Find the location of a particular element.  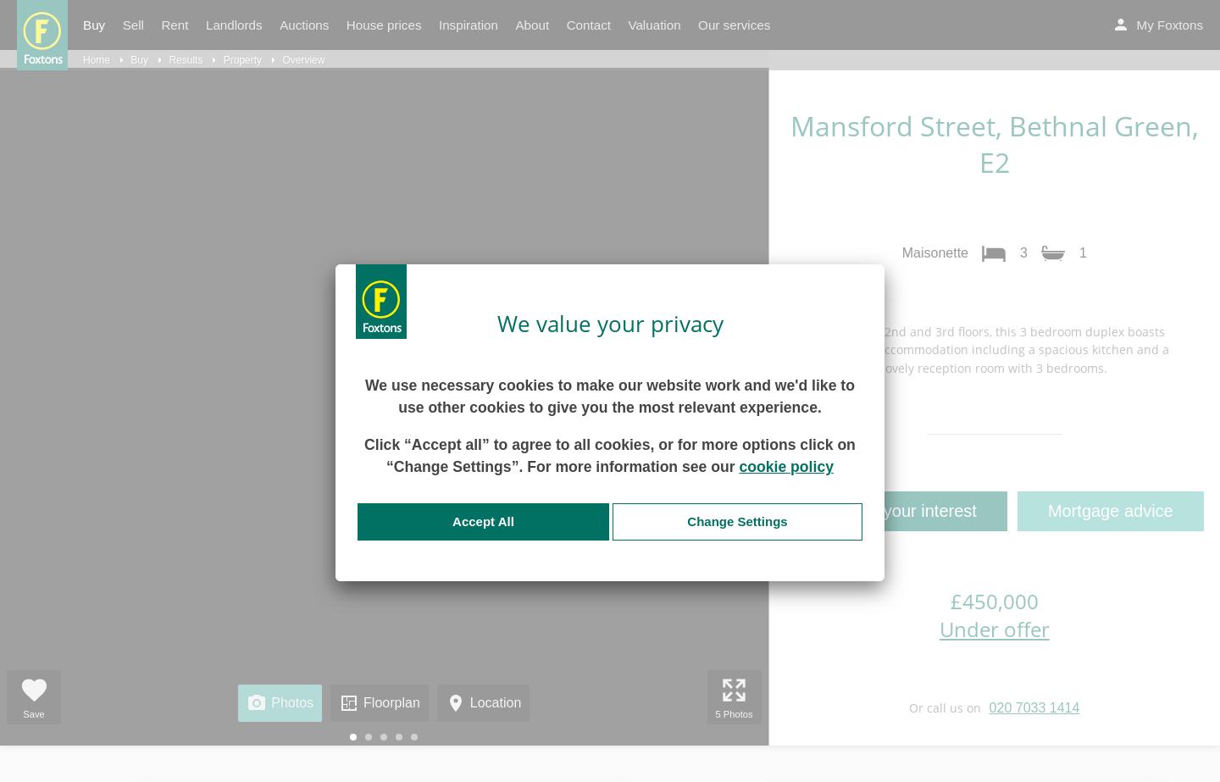

'020 7033 1414' is located at coordinates (1033, 707).